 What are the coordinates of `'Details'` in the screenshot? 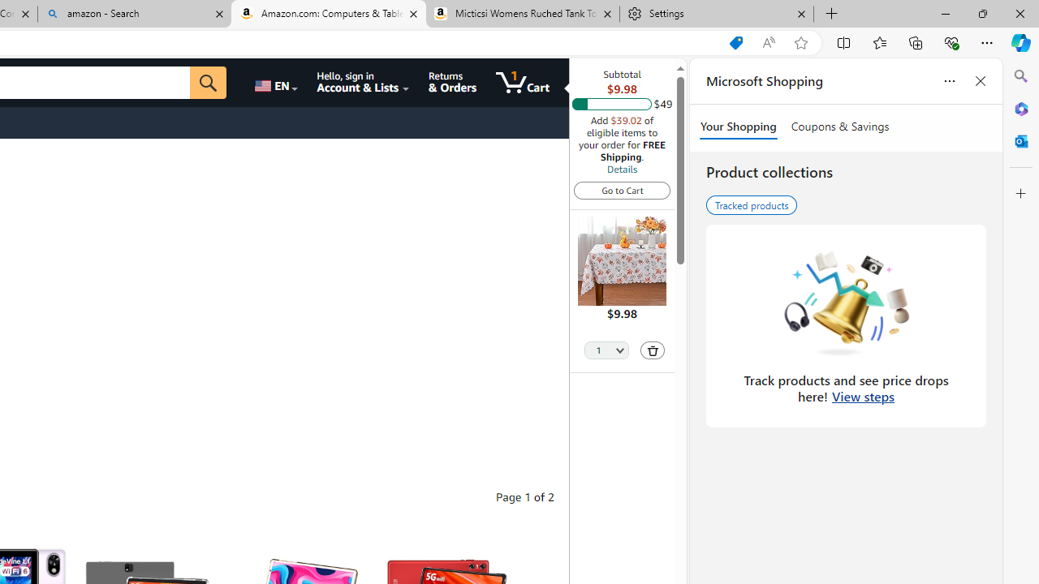 It's located at (621, 169).